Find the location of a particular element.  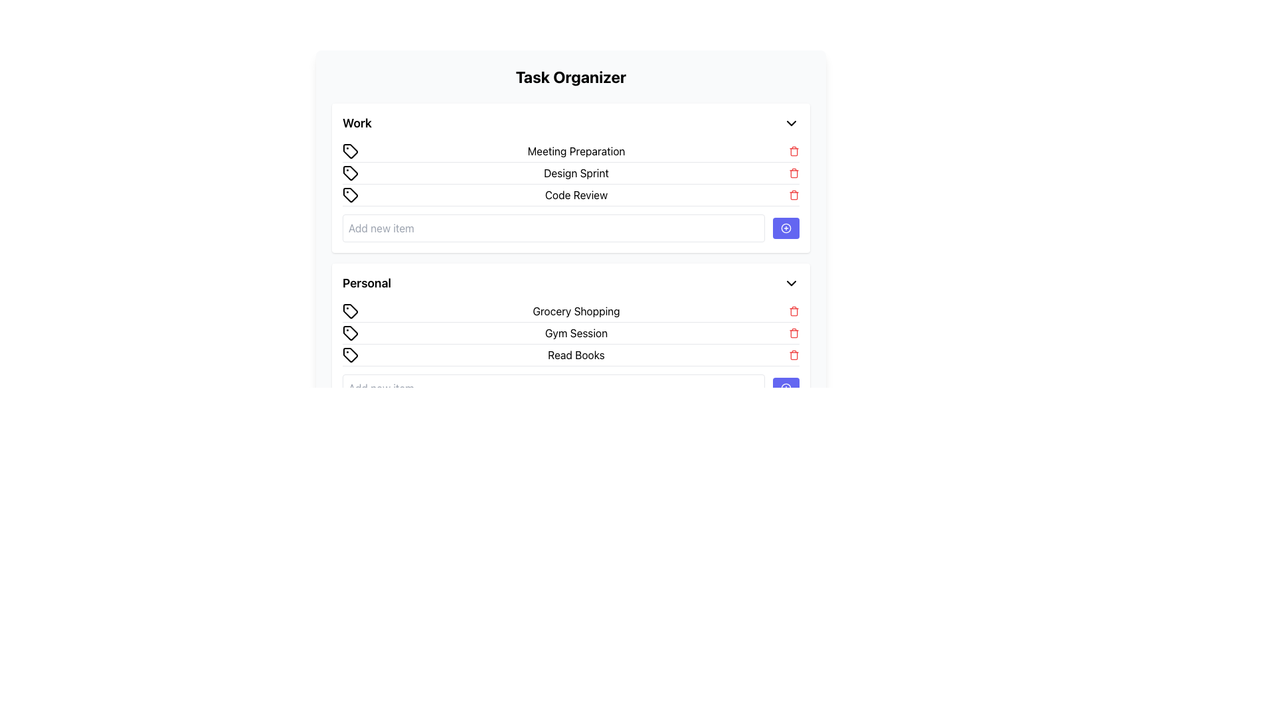

the trash icon button is located at coordinates (794, 355).